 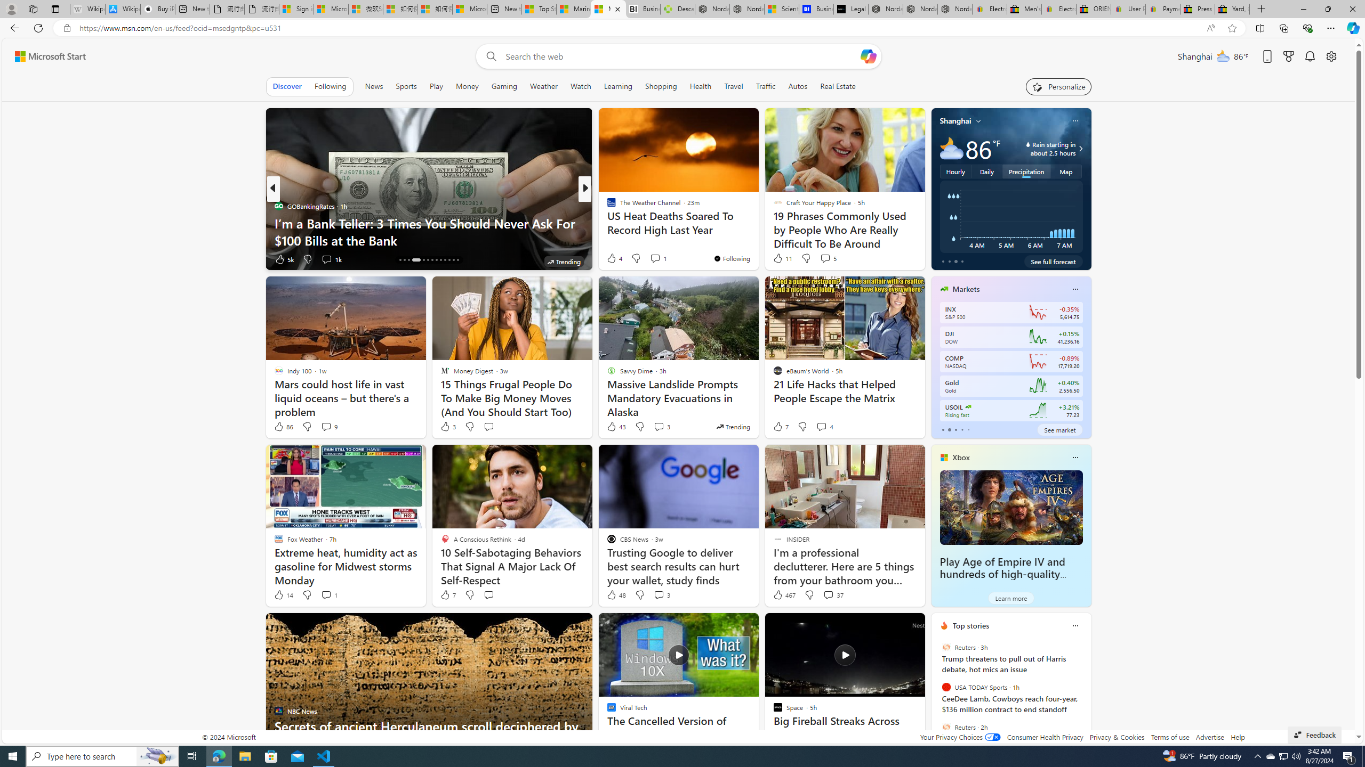 What do you see at coordinates (606, 223) in the screenshot?
I see `'The Register'` at bounding box center [606, 223].